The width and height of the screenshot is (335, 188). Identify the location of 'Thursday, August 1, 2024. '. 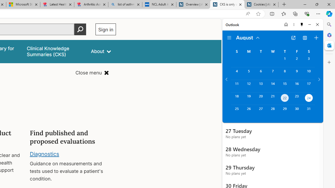
(284, 61).